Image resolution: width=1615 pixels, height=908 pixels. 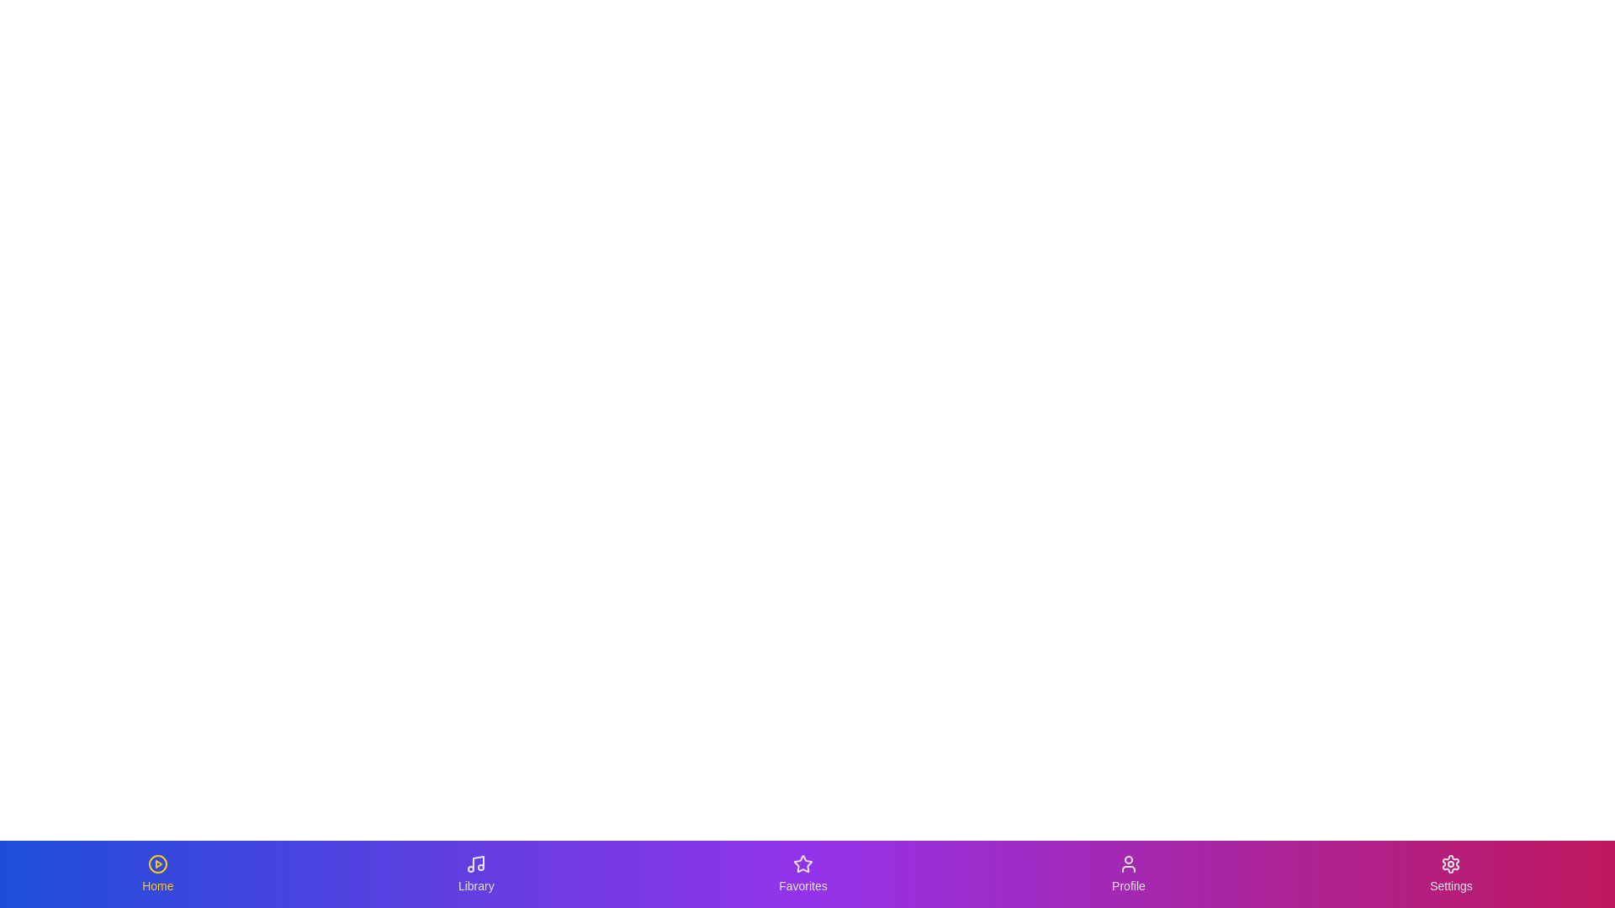 I want to click on the tab labeled Profile to observe its animation, so click(x=1127, y=874).